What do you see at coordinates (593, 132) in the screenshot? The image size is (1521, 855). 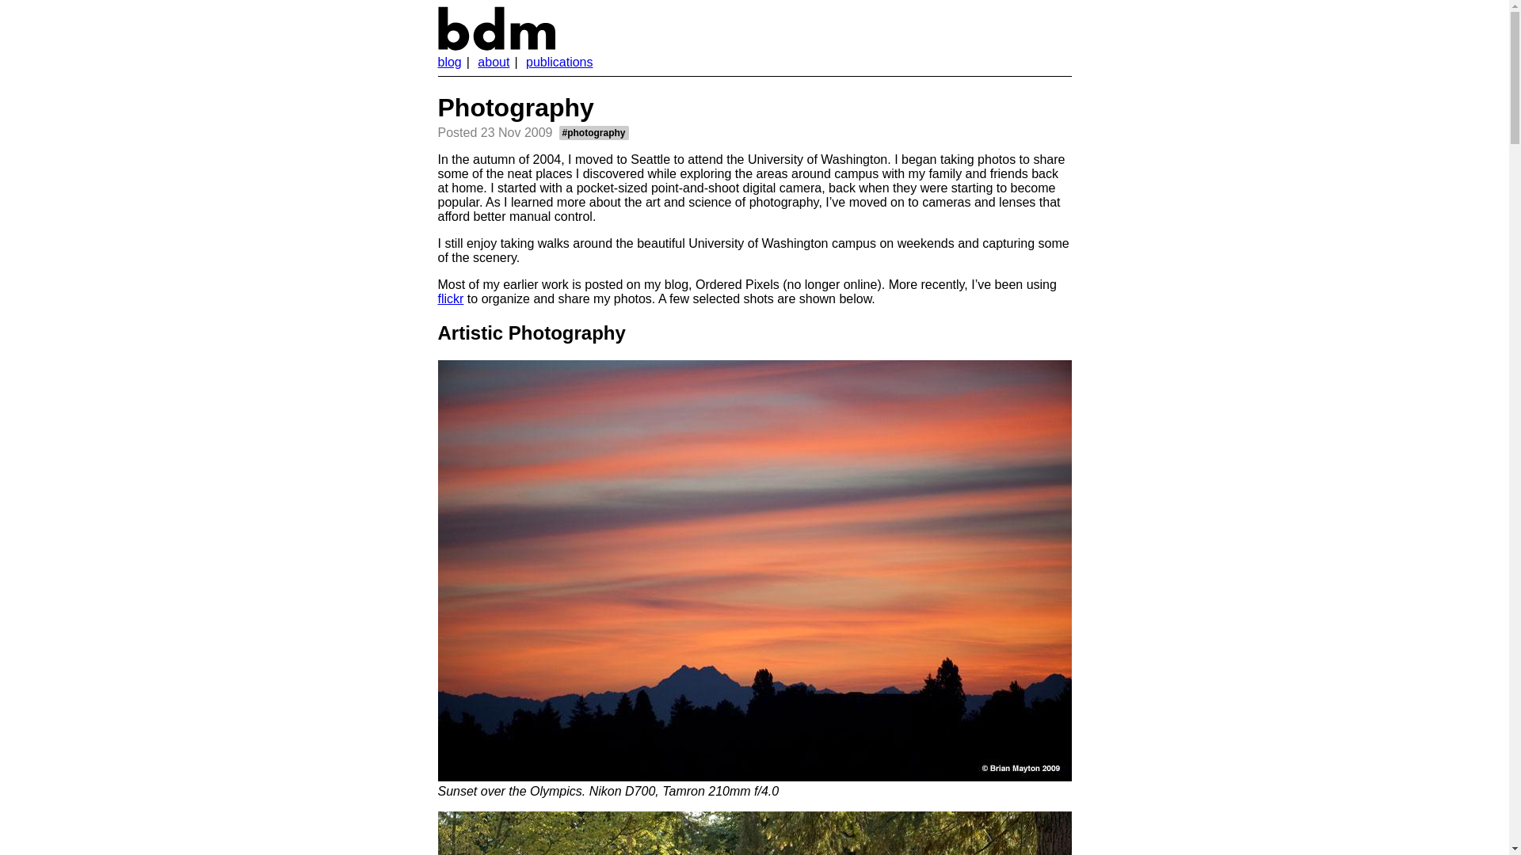 I see `'#photography'` at bounding box center [593, 132].